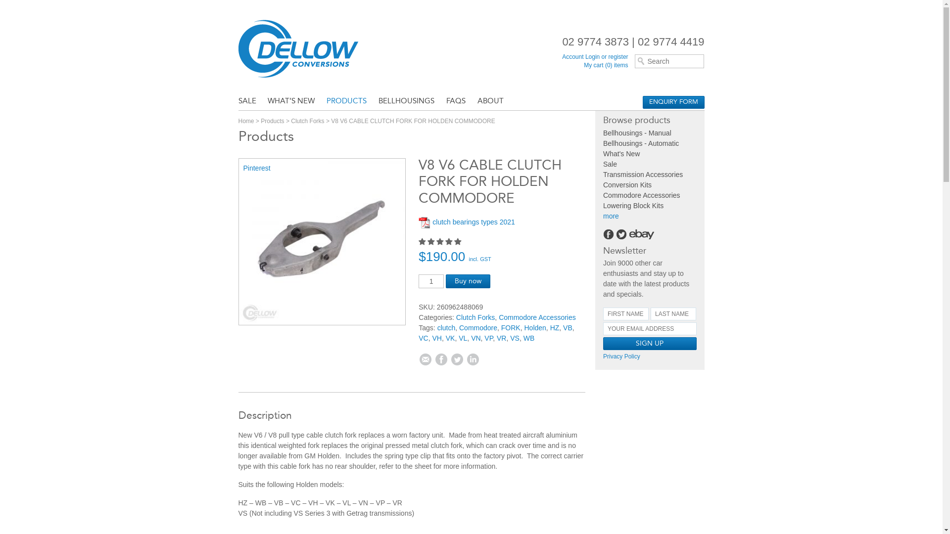 The width and height of the screenshot is (950, 534). I want to click on 'Privacy Policy', so click(621, 356).